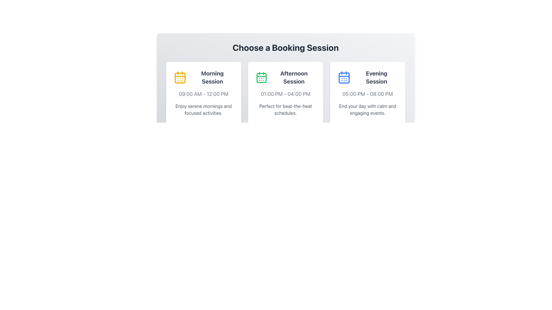  Describe the element at coordinates (285, 109) in the screenshot. I see `text block that says 'Perfect for beat-the-heat schedules.' located in the middle column under the title 'Afternoon Session' and time slot '01:00 PM - 04:00 PM' in the central white card of the 3-card layout` at that location.